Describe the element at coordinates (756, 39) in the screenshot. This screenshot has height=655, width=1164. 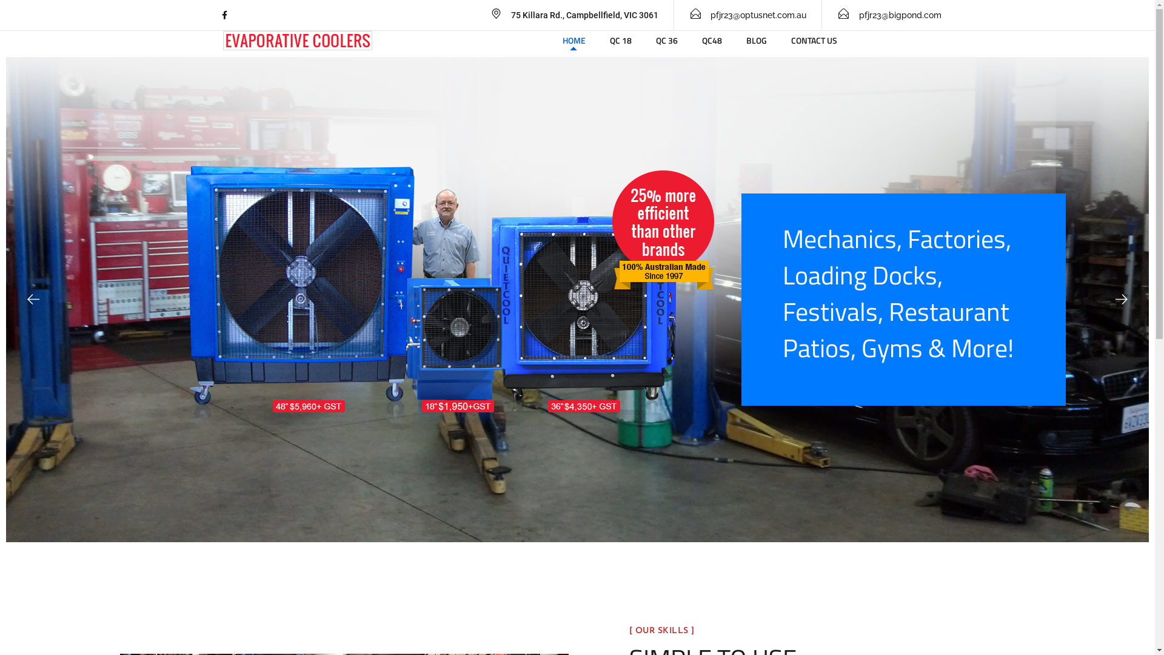
I see `'BLOG'` at that location.